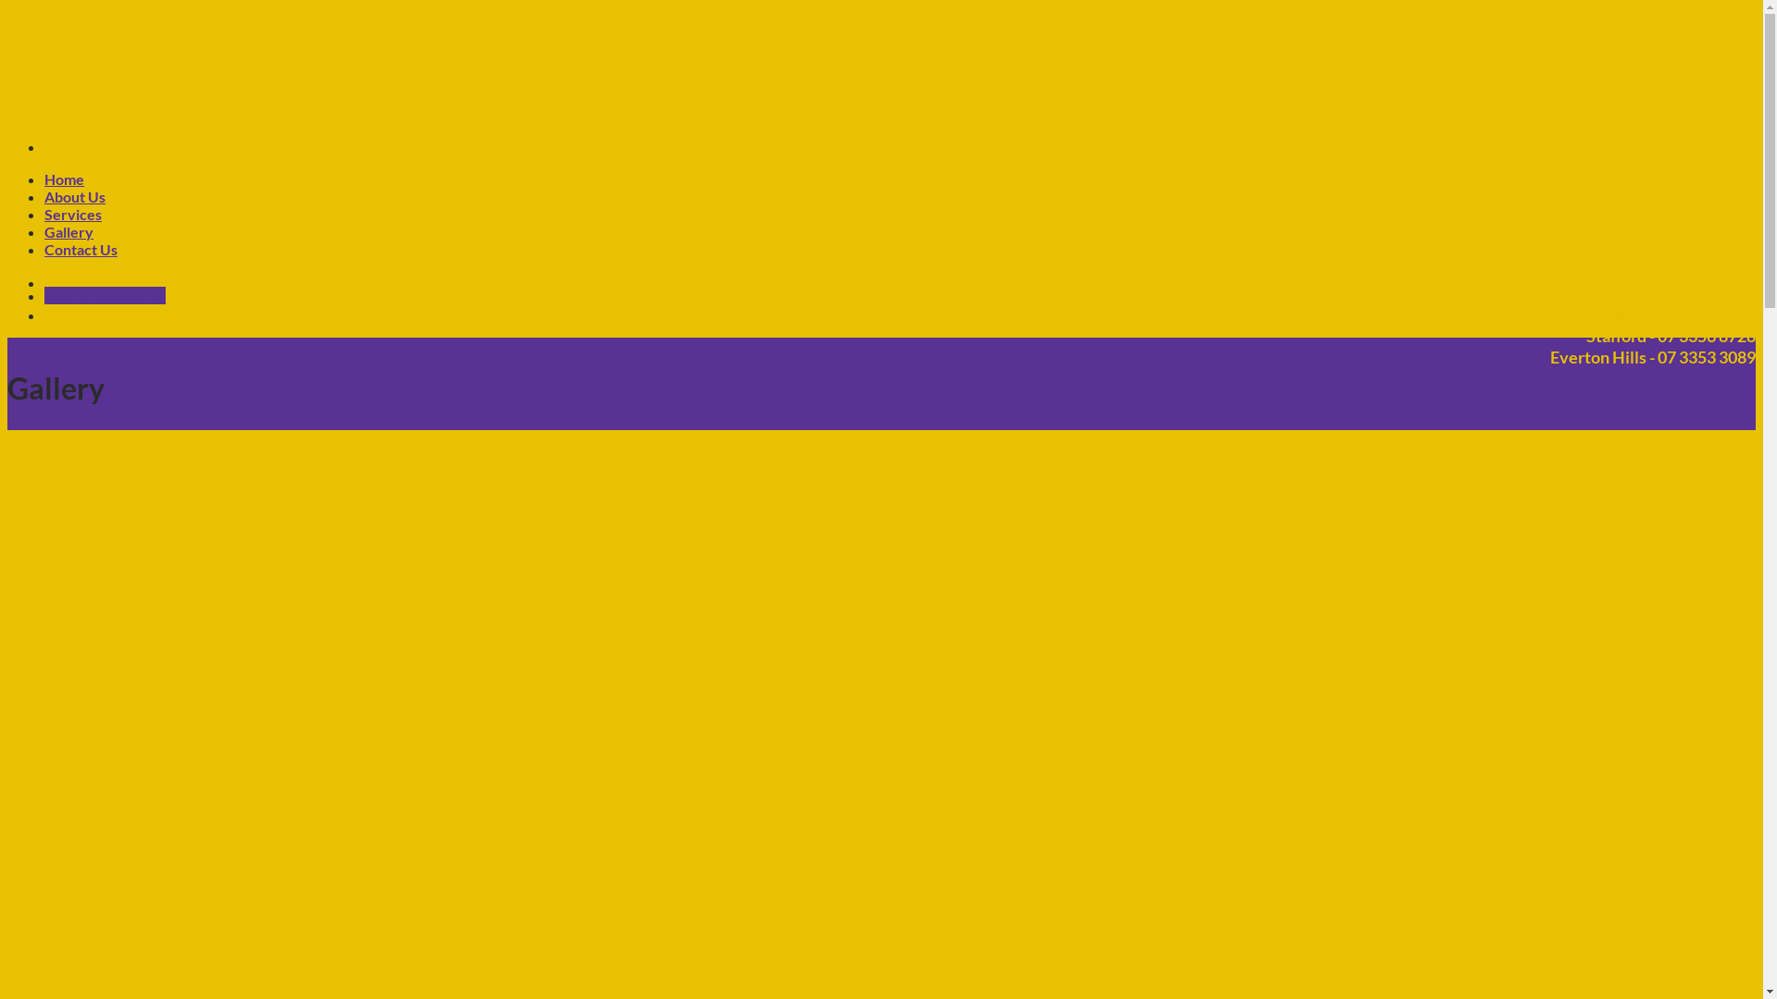 The width and height of the screenshot is (1777, 999). What do you see at coordinates (6, 6) in the screenshot?
I see `'Skip to content'` at bounding box center [6, 6].